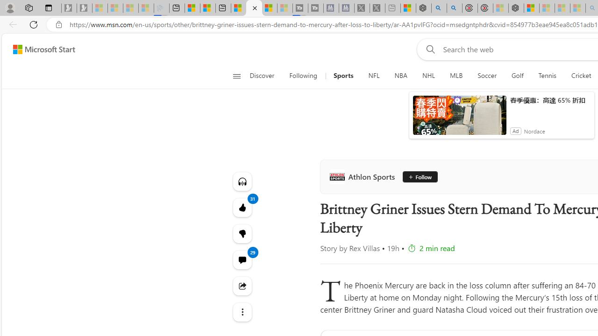  Describe the element at coordinates (242, 233) in the screenshot. I see `'Dislike'` at that location.